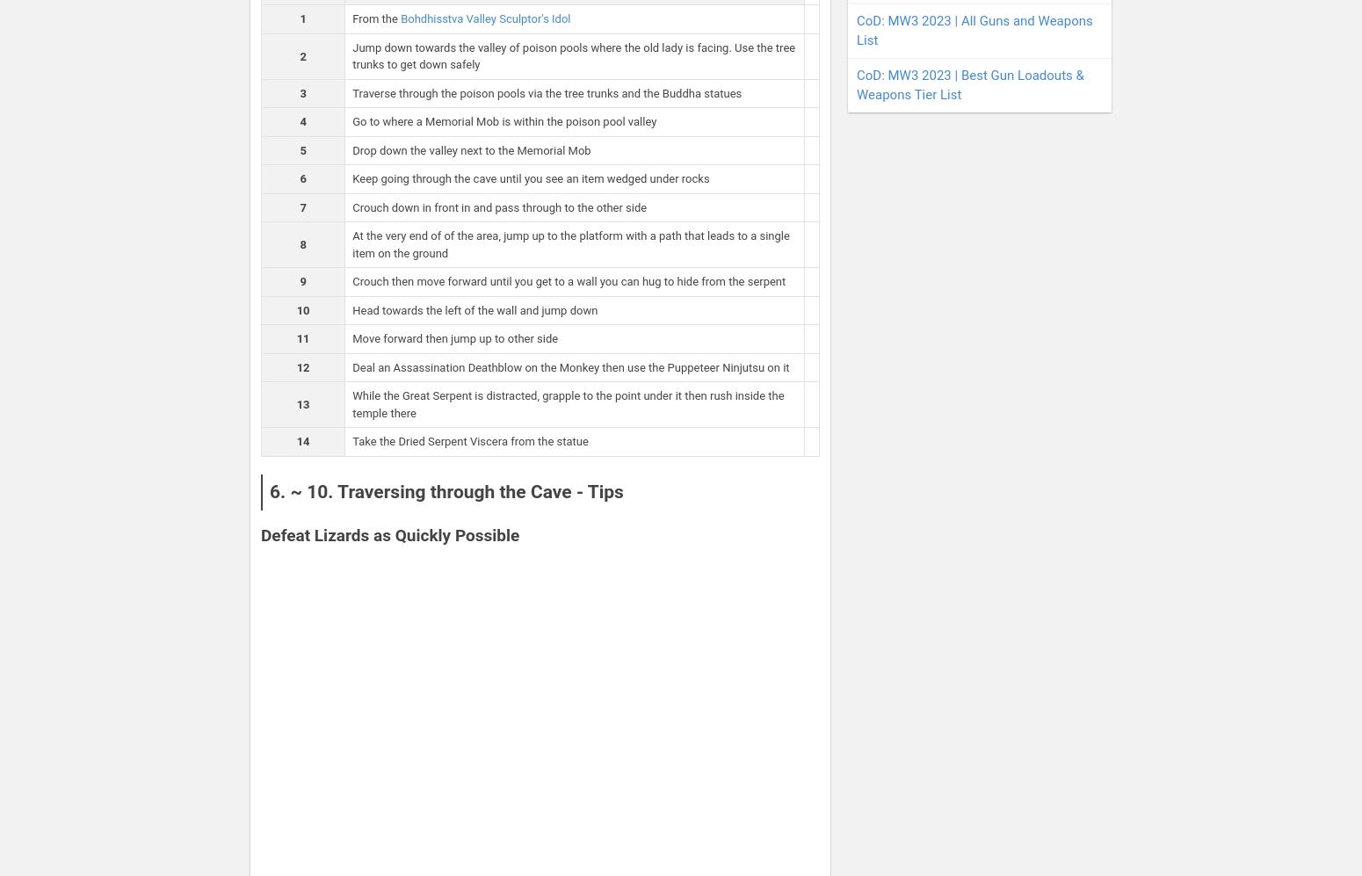  Describe the element at coordinates (474, 308) in the screenshot. I see `'Head towards the left of the wall and jump down'` at that location.